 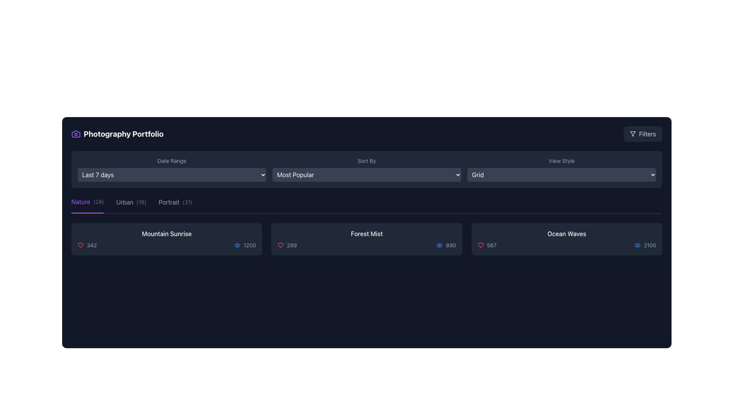 I want to click on the static text label reading 'Date Range', which is styled in a small gray font on a dark background, positioned under the header 'Photography Portfolio', so click(x=171, y=160).